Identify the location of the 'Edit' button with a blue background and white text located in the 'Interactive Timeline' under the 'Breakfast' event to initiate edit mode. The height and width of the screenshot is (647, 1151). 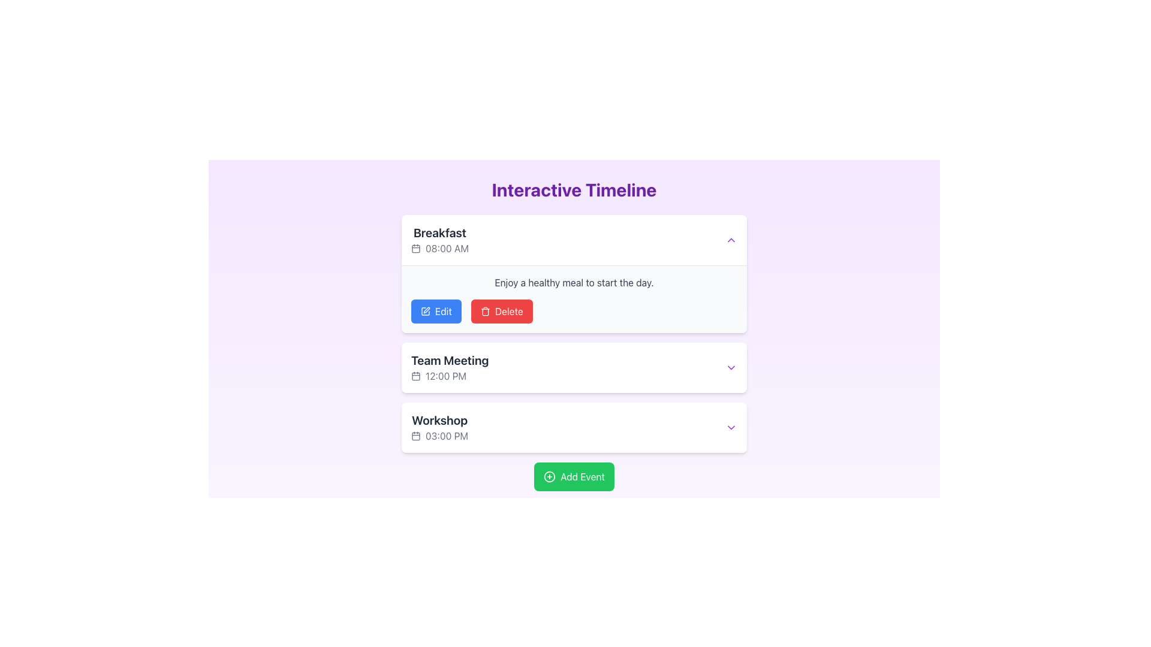
(435, 311).